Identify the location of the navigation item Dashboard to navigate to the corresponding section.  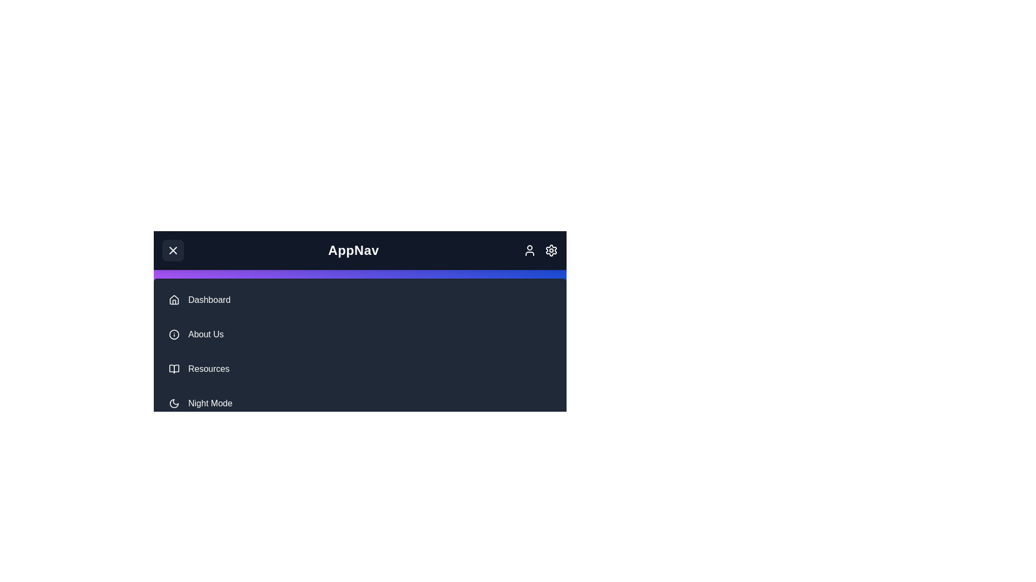
(360, 300).